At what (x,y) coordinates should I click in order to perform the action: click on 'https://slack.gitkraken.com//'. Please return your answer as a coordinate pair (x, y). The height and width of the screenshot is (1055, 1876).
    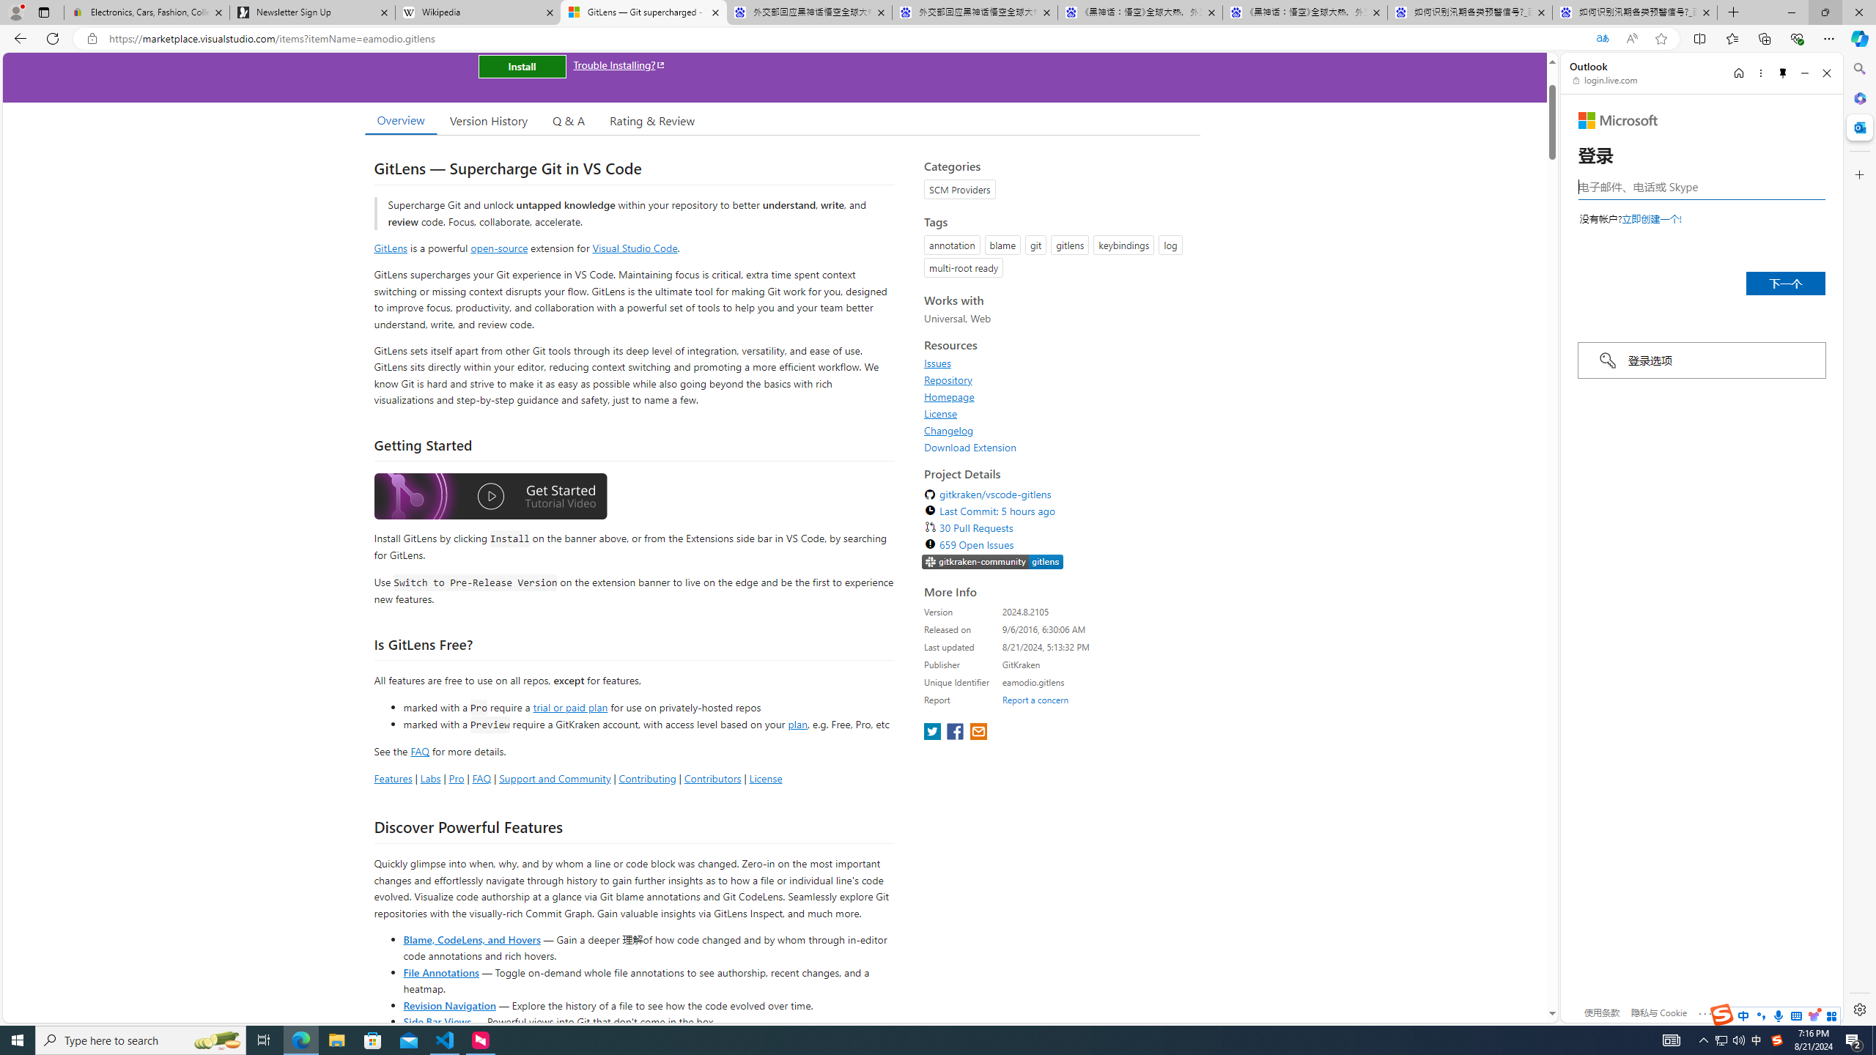
    Looking at the image, I should click on (991, 561).